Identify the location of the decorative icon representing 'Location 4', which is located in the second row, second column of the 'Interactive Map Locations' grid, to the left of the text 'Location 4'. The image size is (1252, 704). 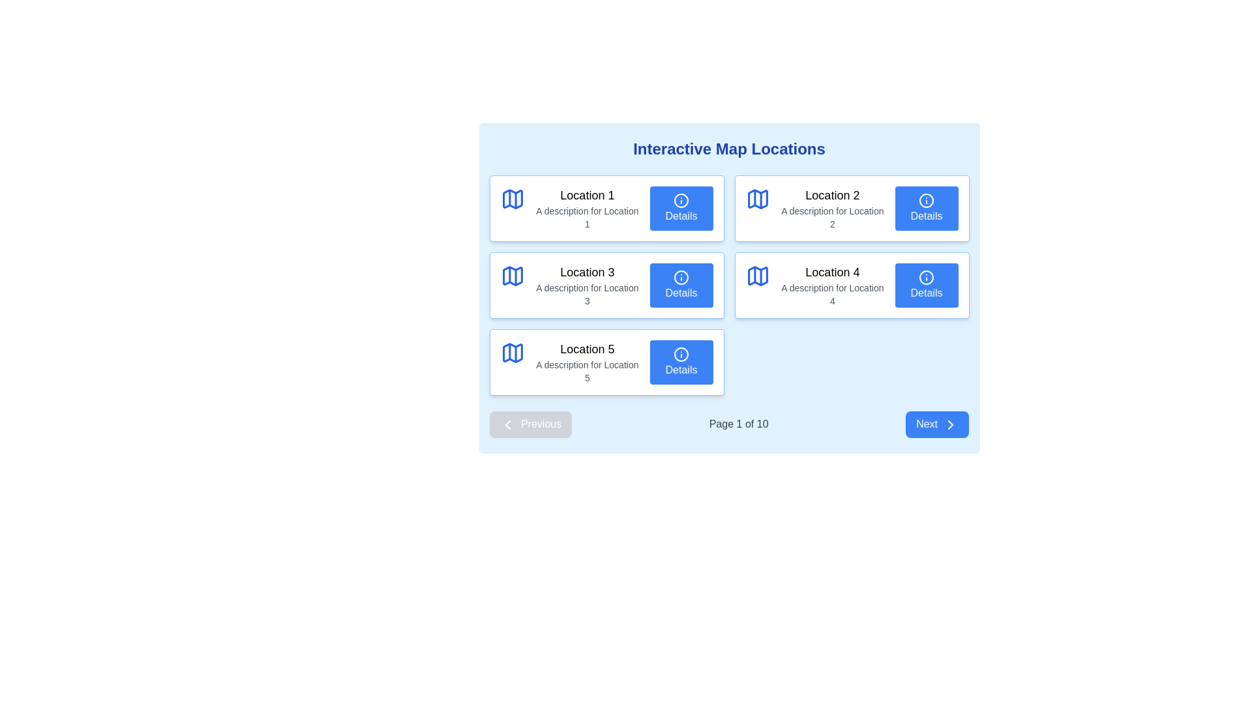
(758, 276).